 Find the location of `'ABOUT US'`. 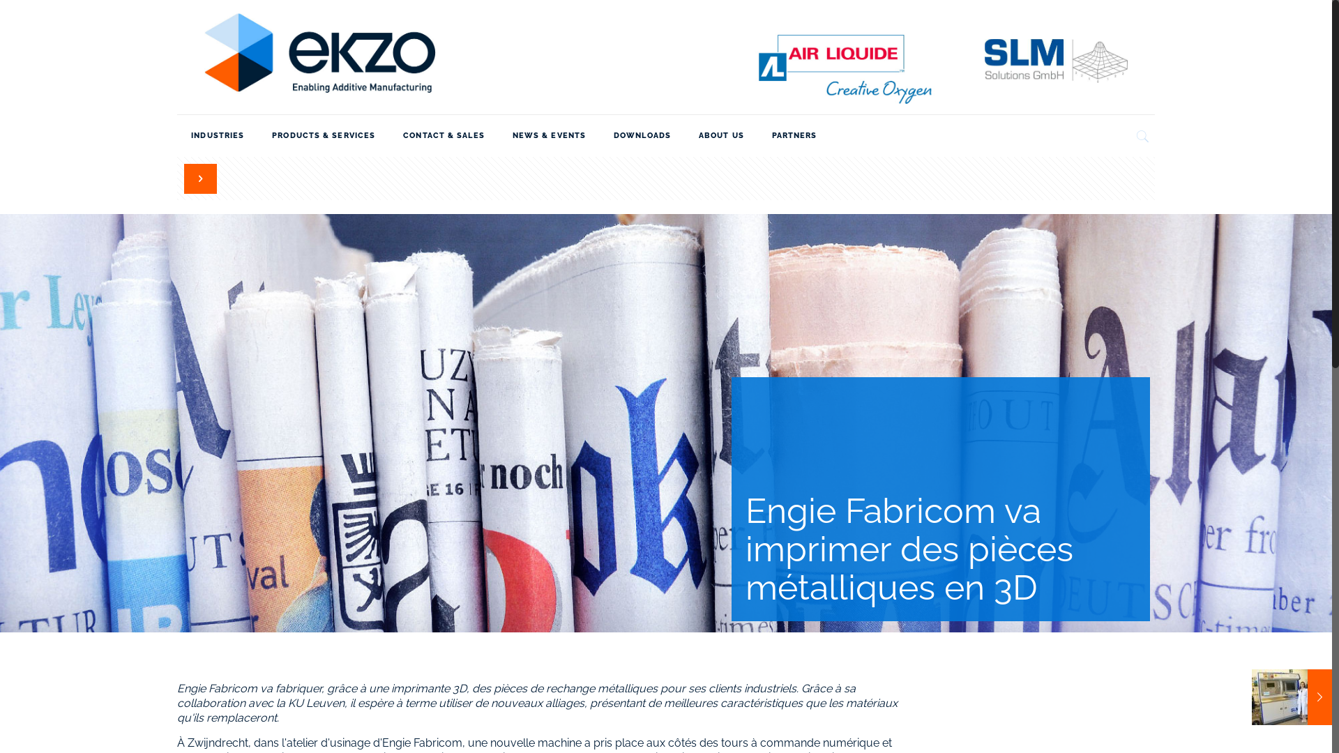

'ABOUT US' is located at coordinates (721, 136).